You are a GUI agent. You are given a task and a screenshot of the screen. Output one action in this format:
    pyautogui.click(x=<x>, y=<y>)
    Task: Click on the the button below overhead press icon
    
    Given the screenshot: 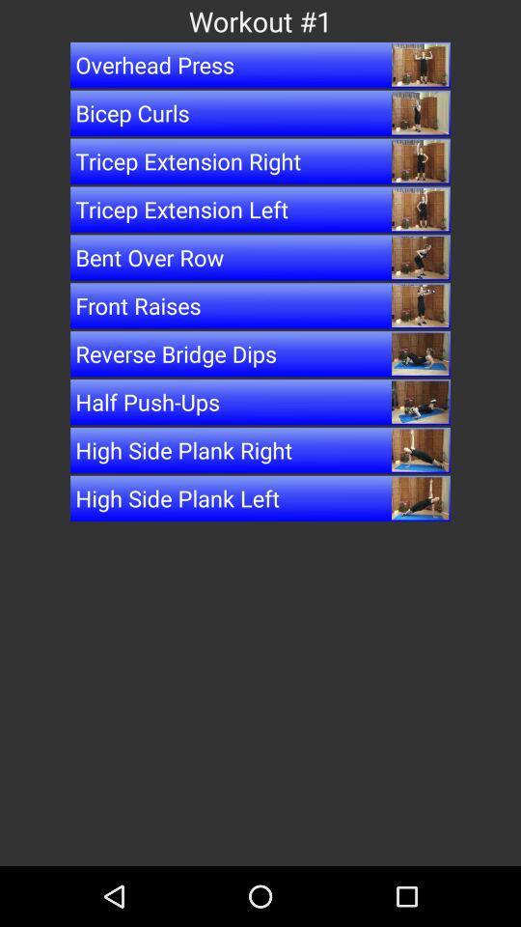 What is the action you would take?
    pyautogui.click(x=260, y=113)
    